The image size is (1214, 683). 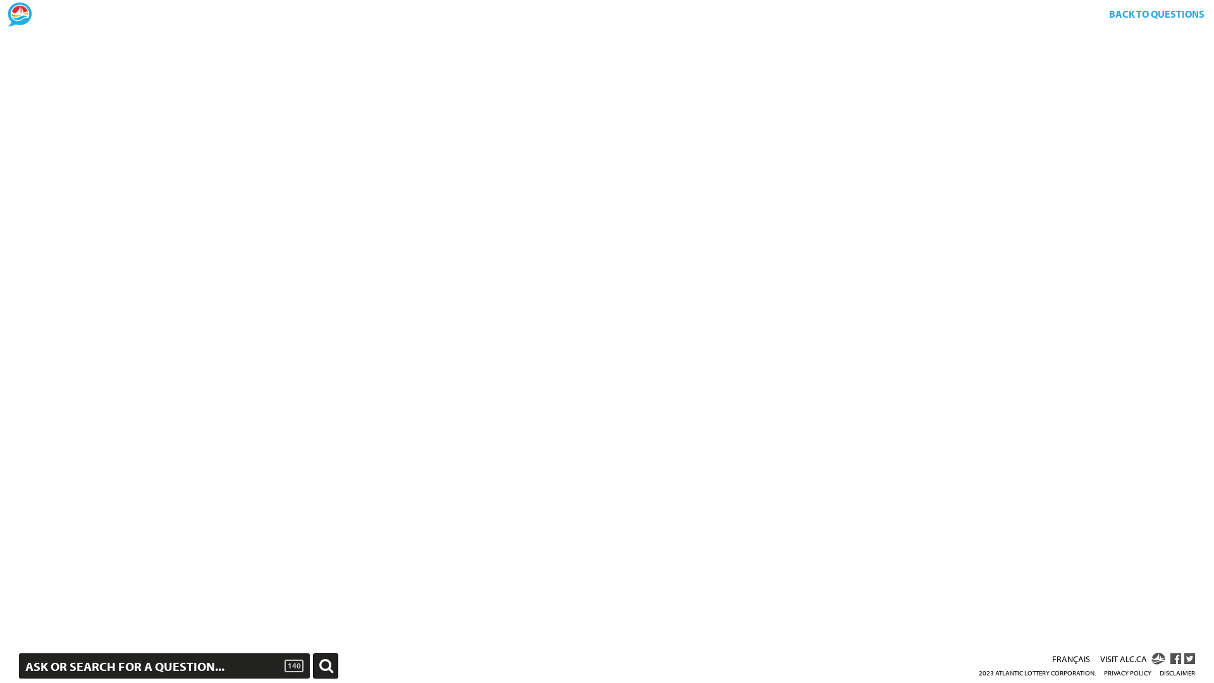 I want to click on 'ALC Facebook', so click(x=1174, y=658).